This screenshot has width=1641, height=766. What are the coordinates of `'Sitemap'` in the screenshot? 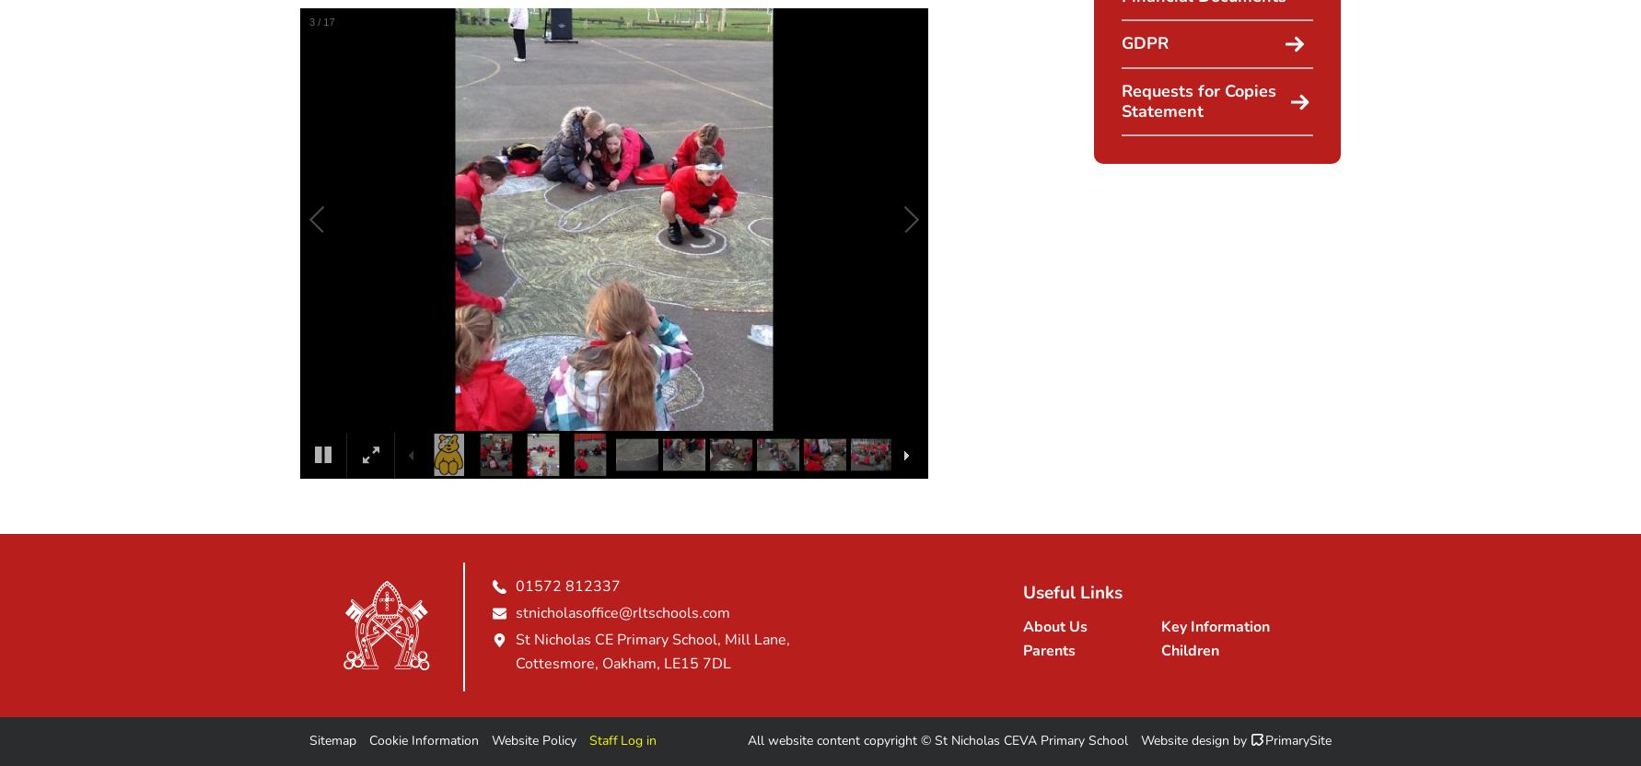 It's located at (332, 739).